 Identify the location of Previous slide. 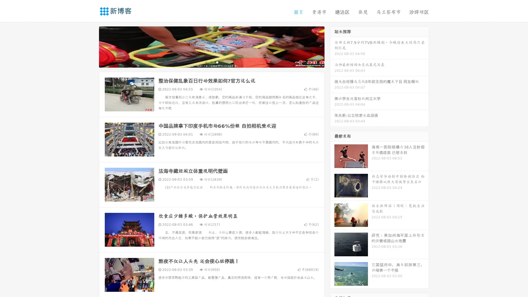
(91, 46).